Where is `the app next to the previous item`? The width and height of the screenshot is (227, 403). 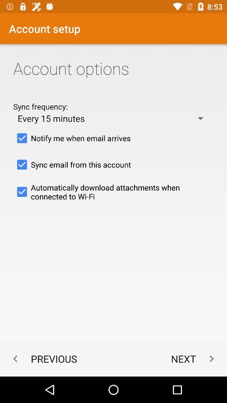 the app next to the previous item is located at coordinates (194, 358).